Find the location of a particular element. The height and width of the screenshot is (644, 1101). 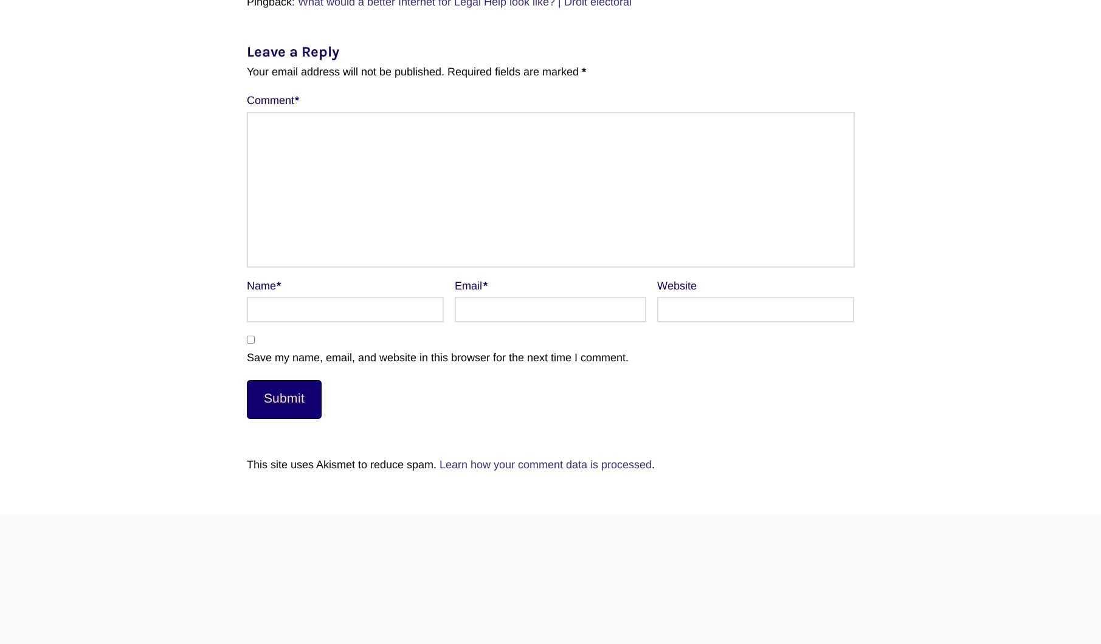

'Name' is located at coordinates (262, 285).